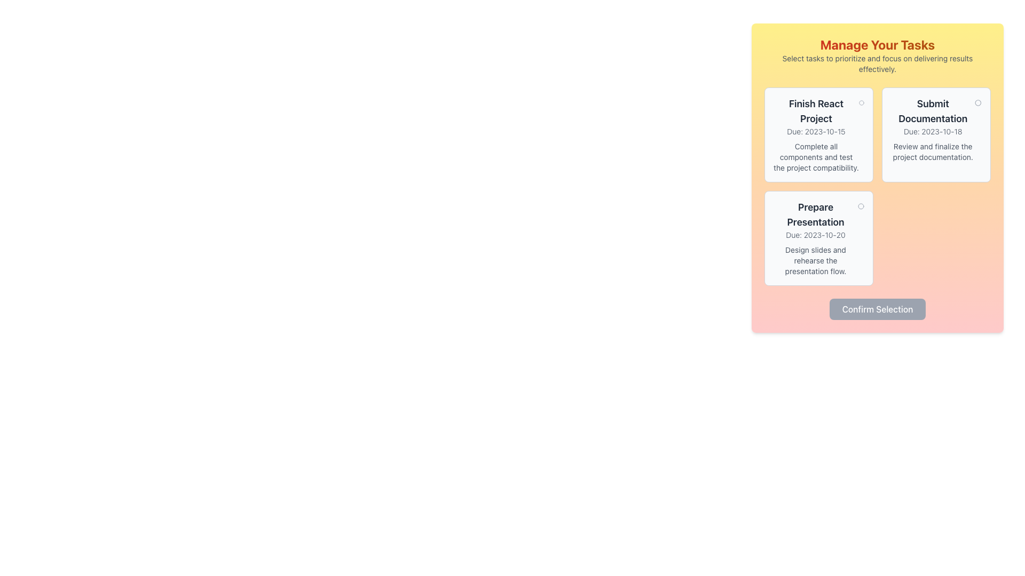  Describe the element at coordinates (877, 63) in the screenshot. I see `the instructional text 'Select tasks to prioritize and focus on delivering results effectively', which is located beneath the heading 'Manage Your Tasks'` at that location.